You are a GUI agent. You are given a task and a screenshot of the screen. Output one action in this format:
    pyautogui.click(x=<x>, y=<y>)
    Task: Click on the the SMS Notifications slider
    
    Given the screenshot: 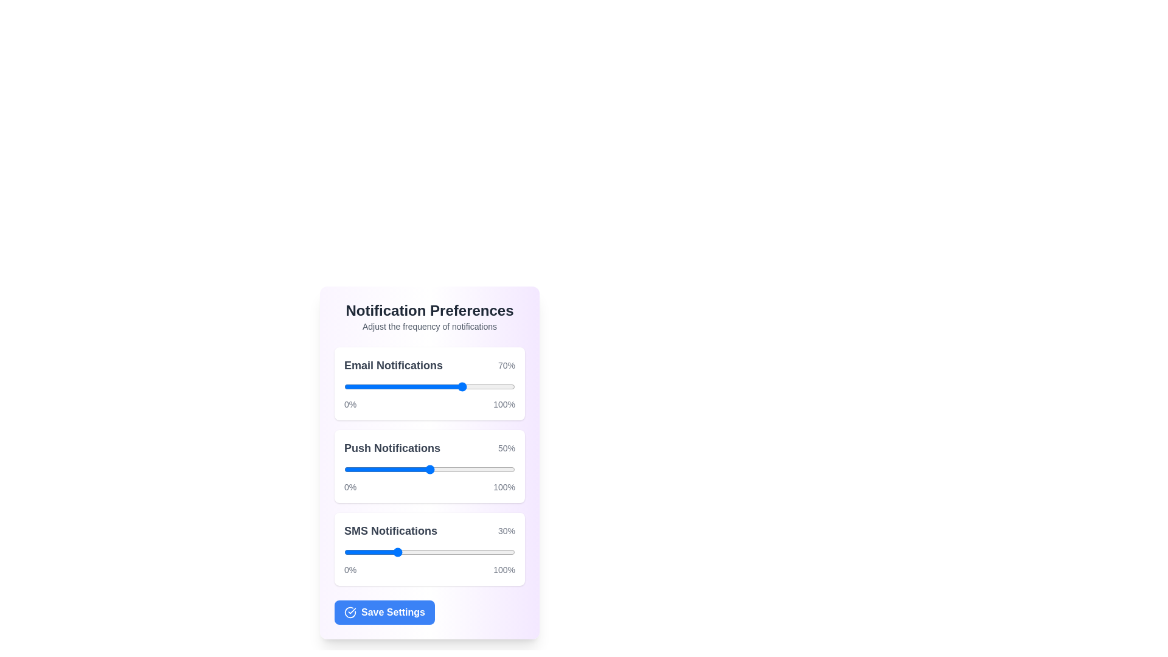 What is the action you would take?
    pyautogui.click(x=503, y=552)
    